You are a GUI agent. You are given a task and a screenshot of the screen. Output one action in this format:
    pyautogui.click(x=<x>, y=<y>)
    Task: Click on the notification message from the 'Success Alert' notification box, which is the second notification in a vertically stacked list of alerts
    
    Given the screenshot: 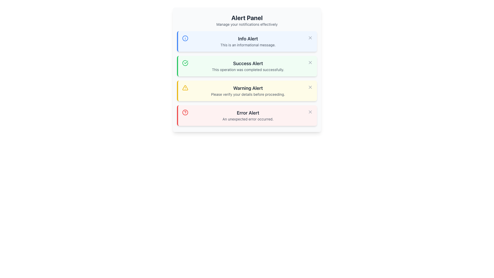 What is the action you would take?
    pyautogui.click(x=247, y=66)
    